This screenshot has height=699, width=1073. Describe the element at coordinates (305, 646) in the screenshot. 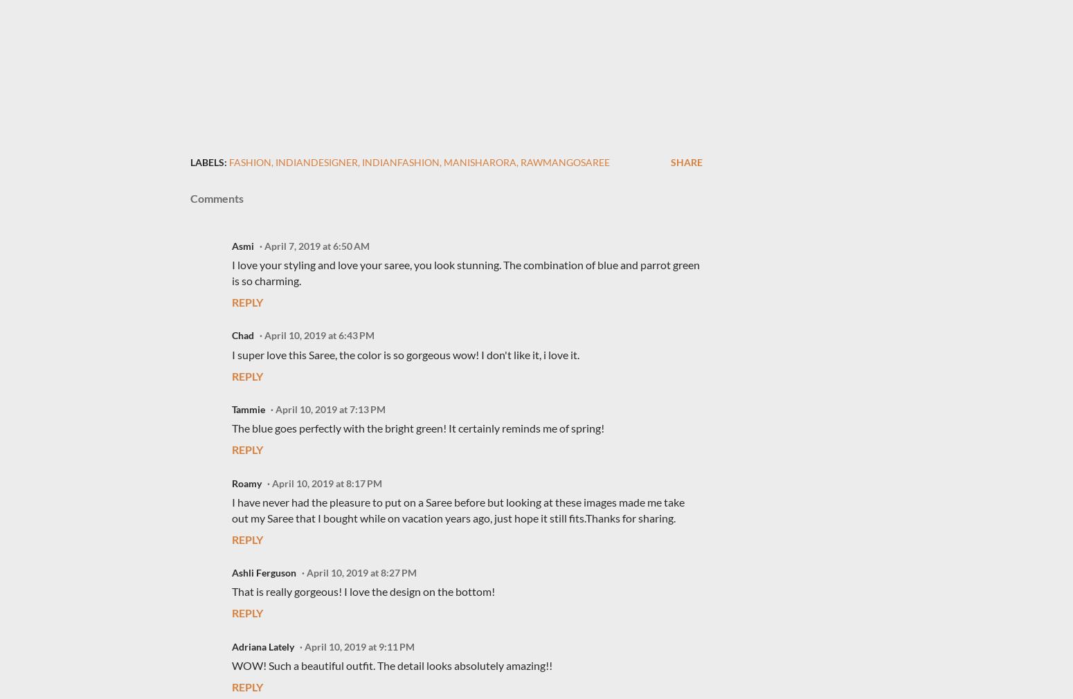

I see `'April 10, 2019 at 9:11 PM'` at that location.